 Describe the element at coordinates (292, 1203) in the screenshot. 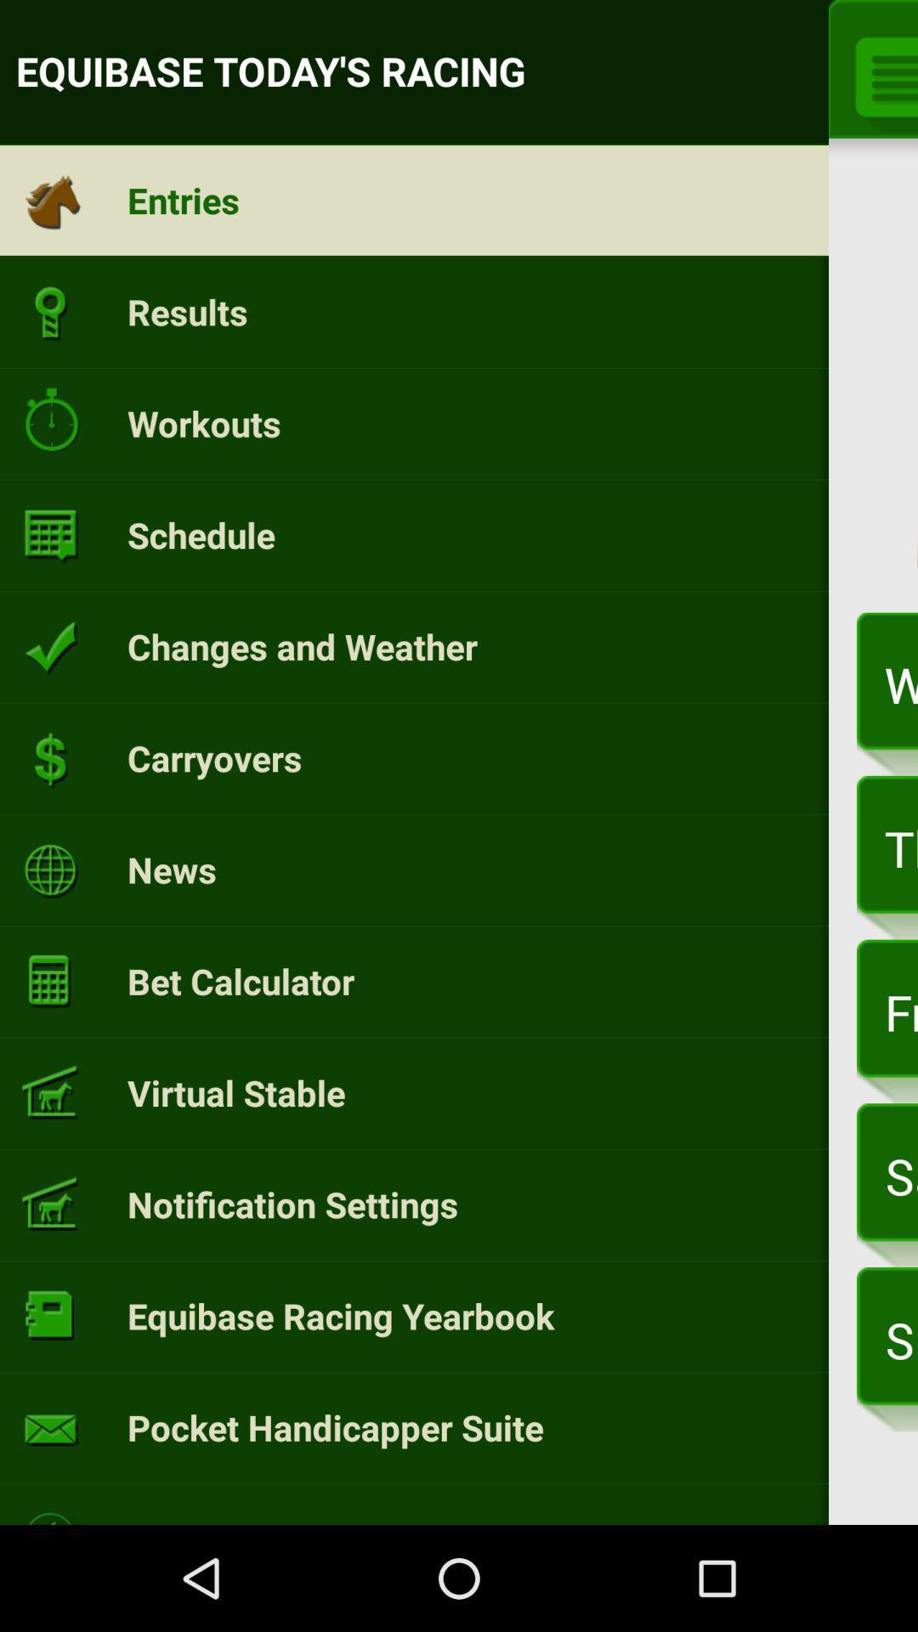

I see `the item to the left of saturday, apr 1 item` at that location.